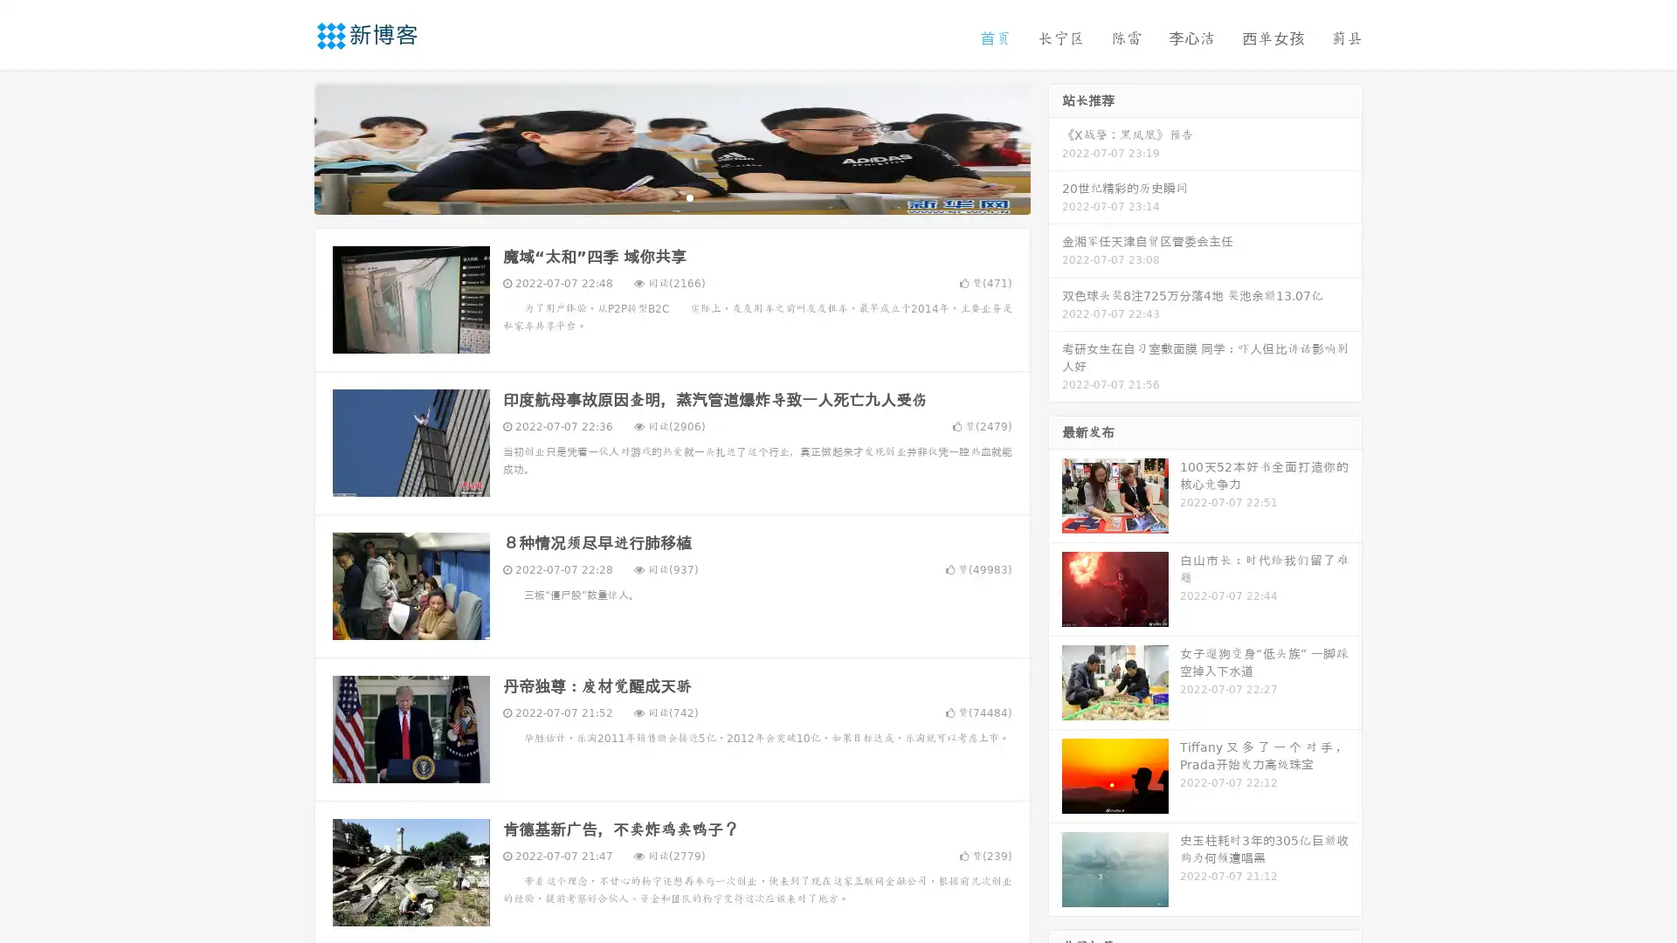  What do you see at coordinates (1055, 147) in the screenshot?
I see `Next slide` at bounding box center [1055, 147].